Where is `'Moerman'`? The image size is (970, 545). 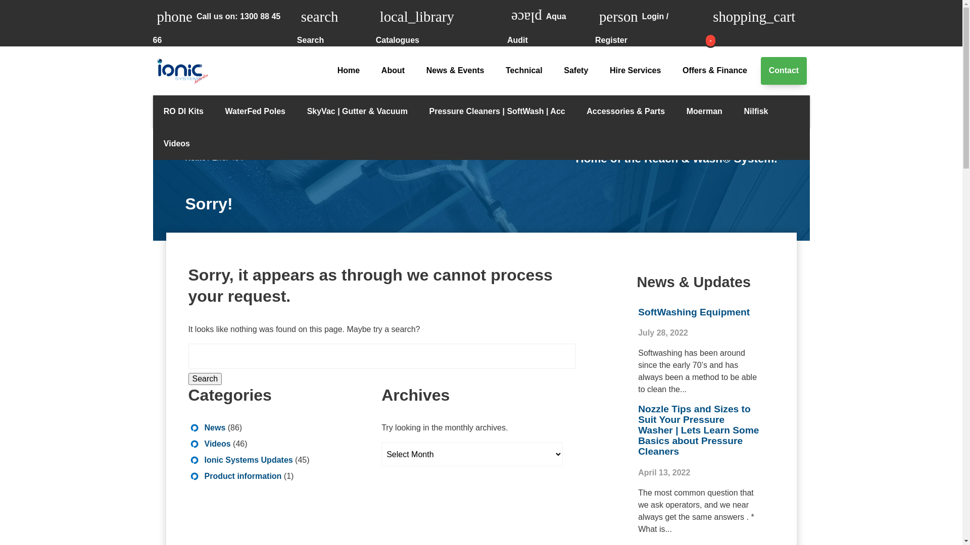 'Moerman' is located at coordinates (703, 111).